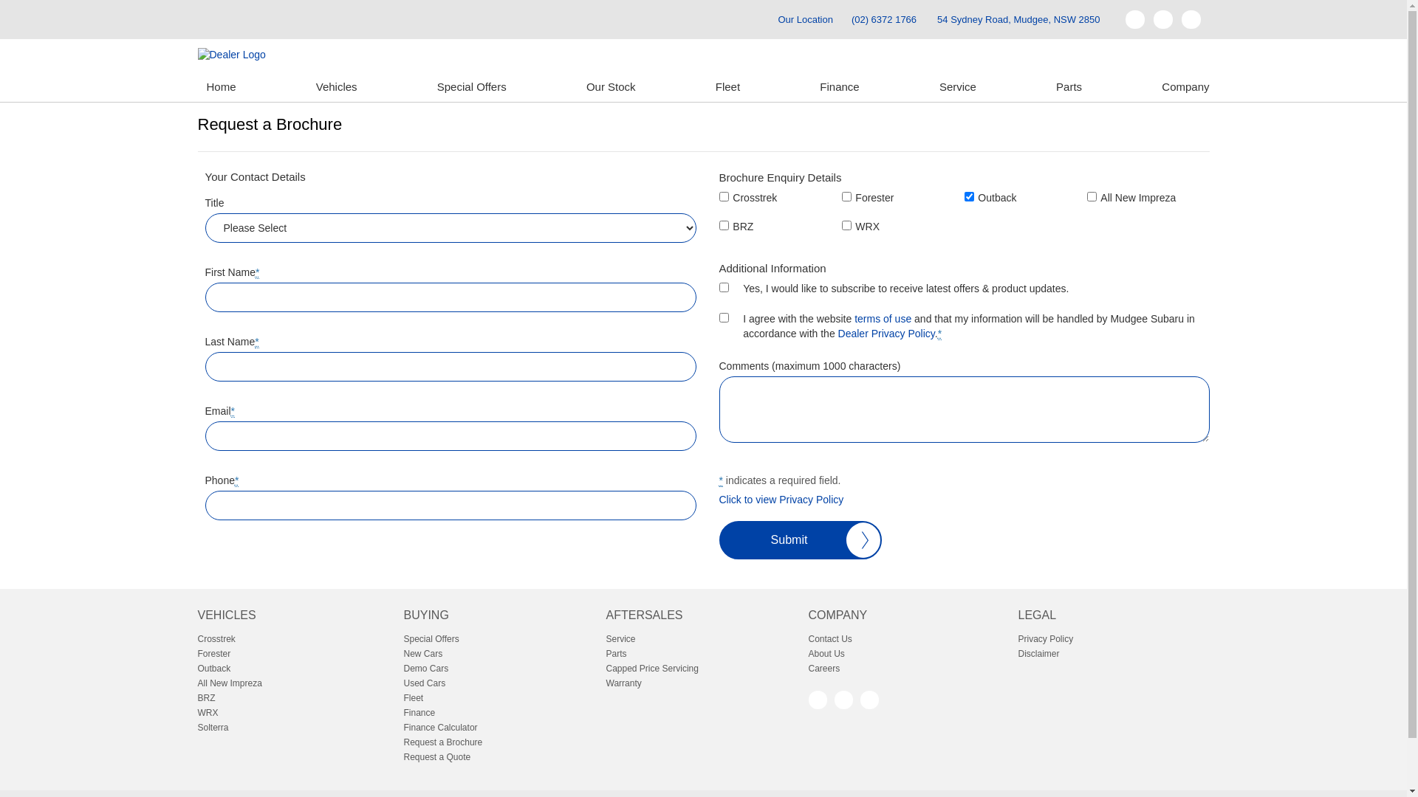 Image resolution: width=1418 pixels, height=797 pixels. I want to click on 'Our Stock', so click(577, 86).